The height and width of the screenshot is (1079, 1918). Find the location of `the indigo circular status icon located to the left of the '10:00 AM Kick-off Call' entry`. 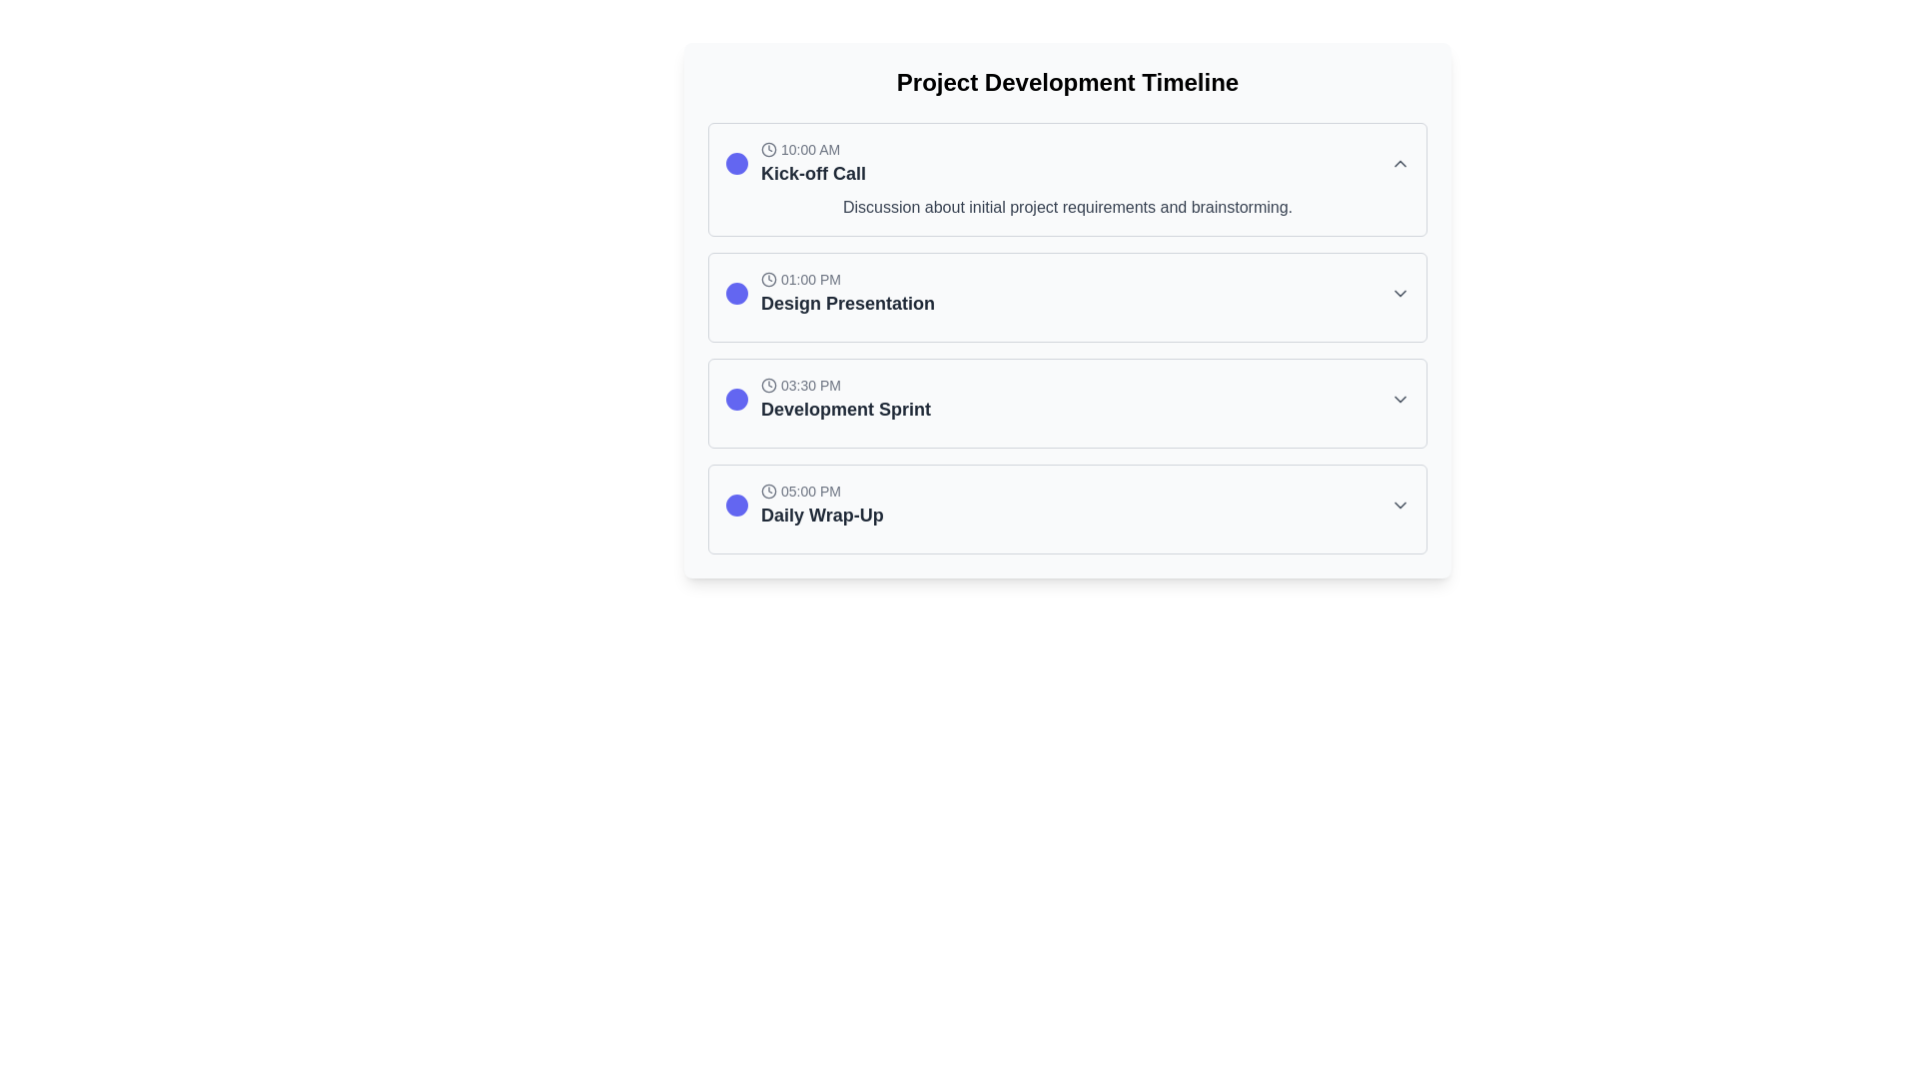

the indigo circular status icon located to the left of the '10:00 AM Kick-off Call' entry is located at coordinates (736, 163).